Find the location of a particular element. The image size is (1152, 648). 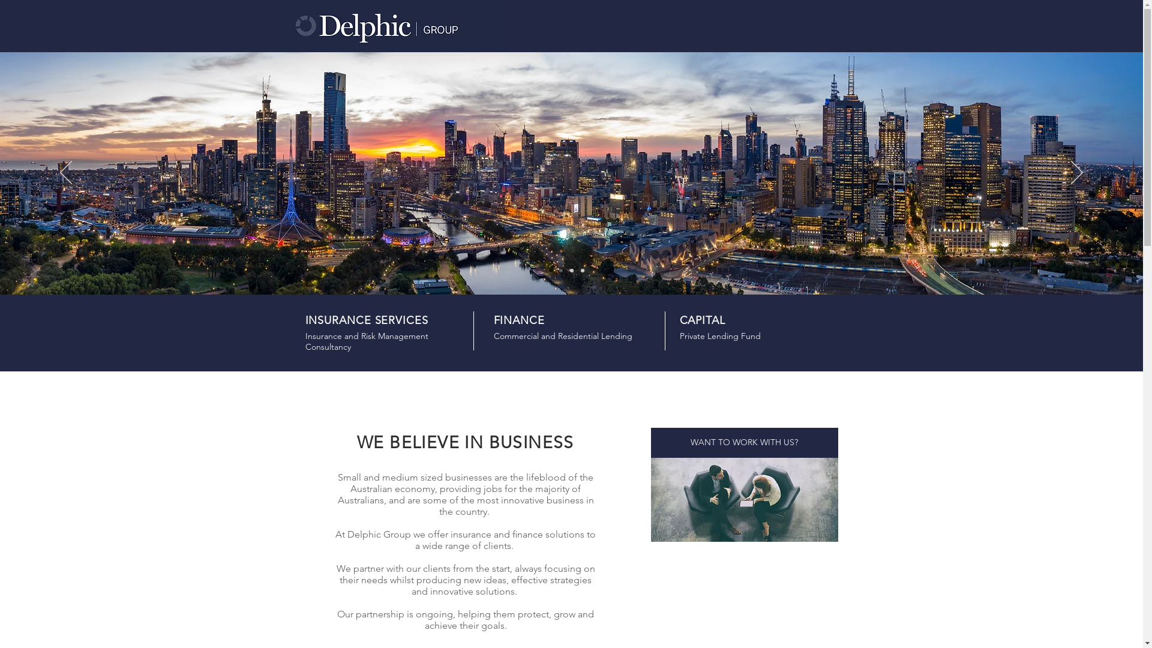

'FINANCE' is located at coordinates (518, 319).